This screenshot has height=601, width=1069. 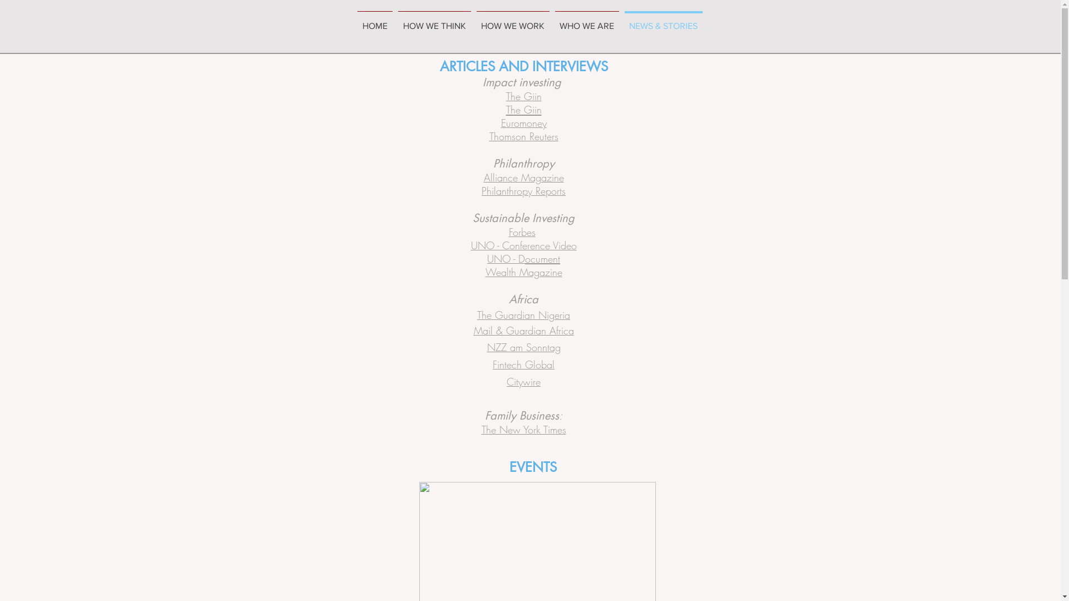 What do you see at coordinates (395, 21) in the screenshot?
I see `'HOW WE THINK'` at bounding box center [395, 21].